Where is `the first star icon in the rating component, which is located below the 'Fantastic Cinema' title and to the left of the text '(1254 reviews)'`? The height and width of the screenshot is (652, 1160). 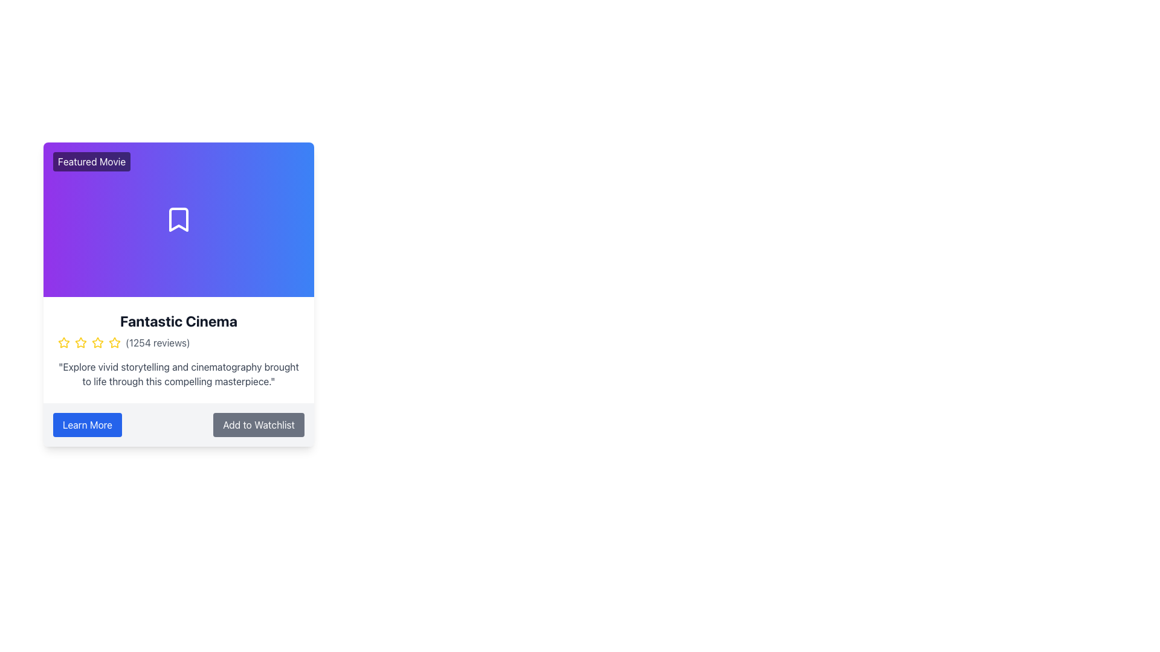 the first star icon in the rating component, which is located below the 'Fantastic Cinema' title and to the left of the text '(1254 reviews)' is located at coordinates (63, 342).